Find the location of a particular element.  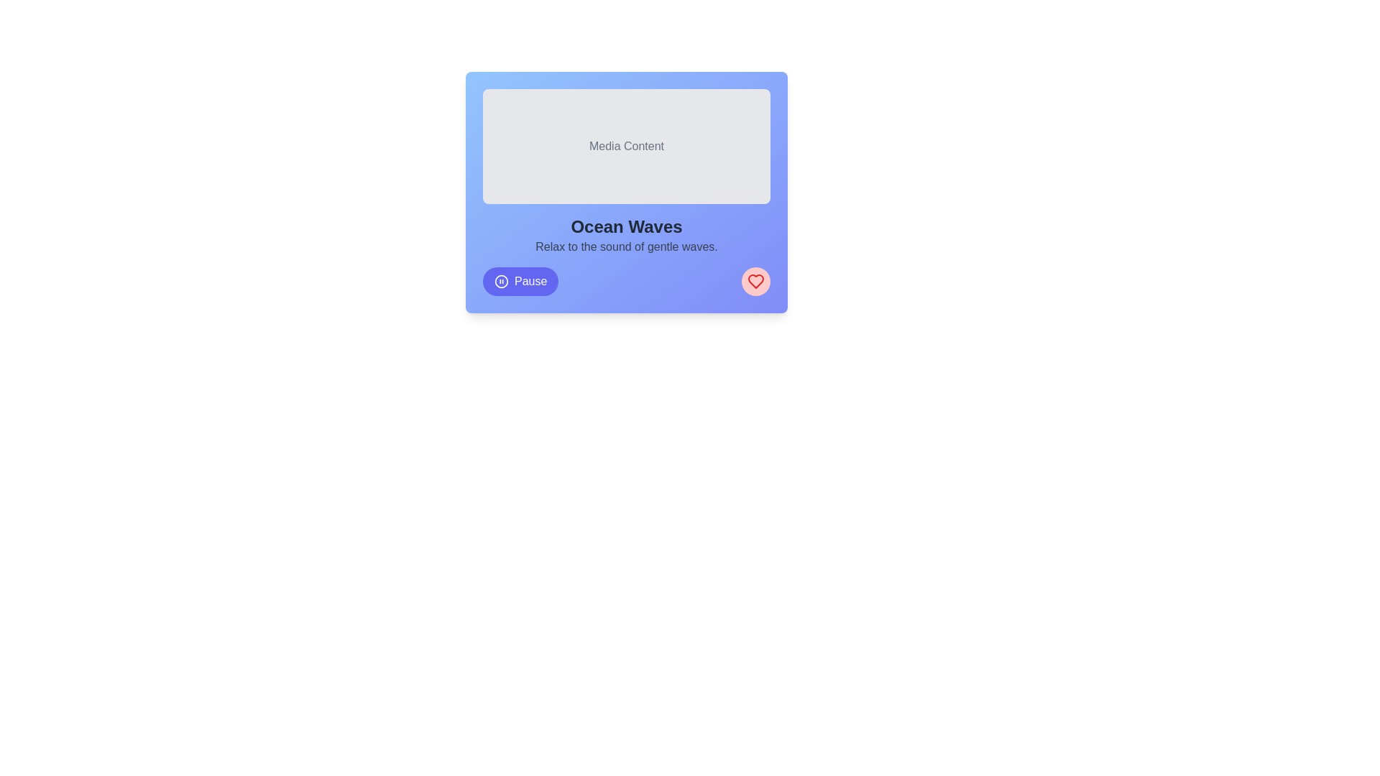

the decorative circle element that encircles the pause icon located in the lower-left corner of the card interface is located at coordinates (501, 282).